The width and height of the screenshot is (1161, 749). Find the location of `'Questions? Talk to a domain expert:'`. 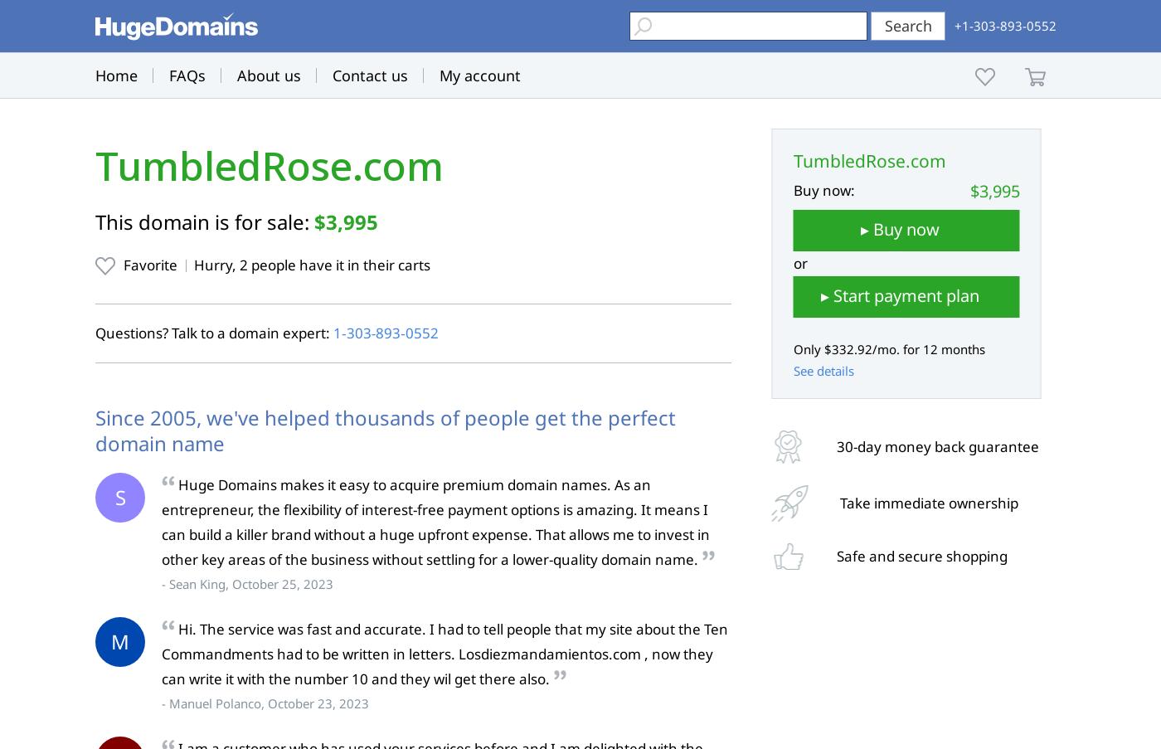

'Questions? Talk to a domain expert:' is located at coordinates (214, 332).